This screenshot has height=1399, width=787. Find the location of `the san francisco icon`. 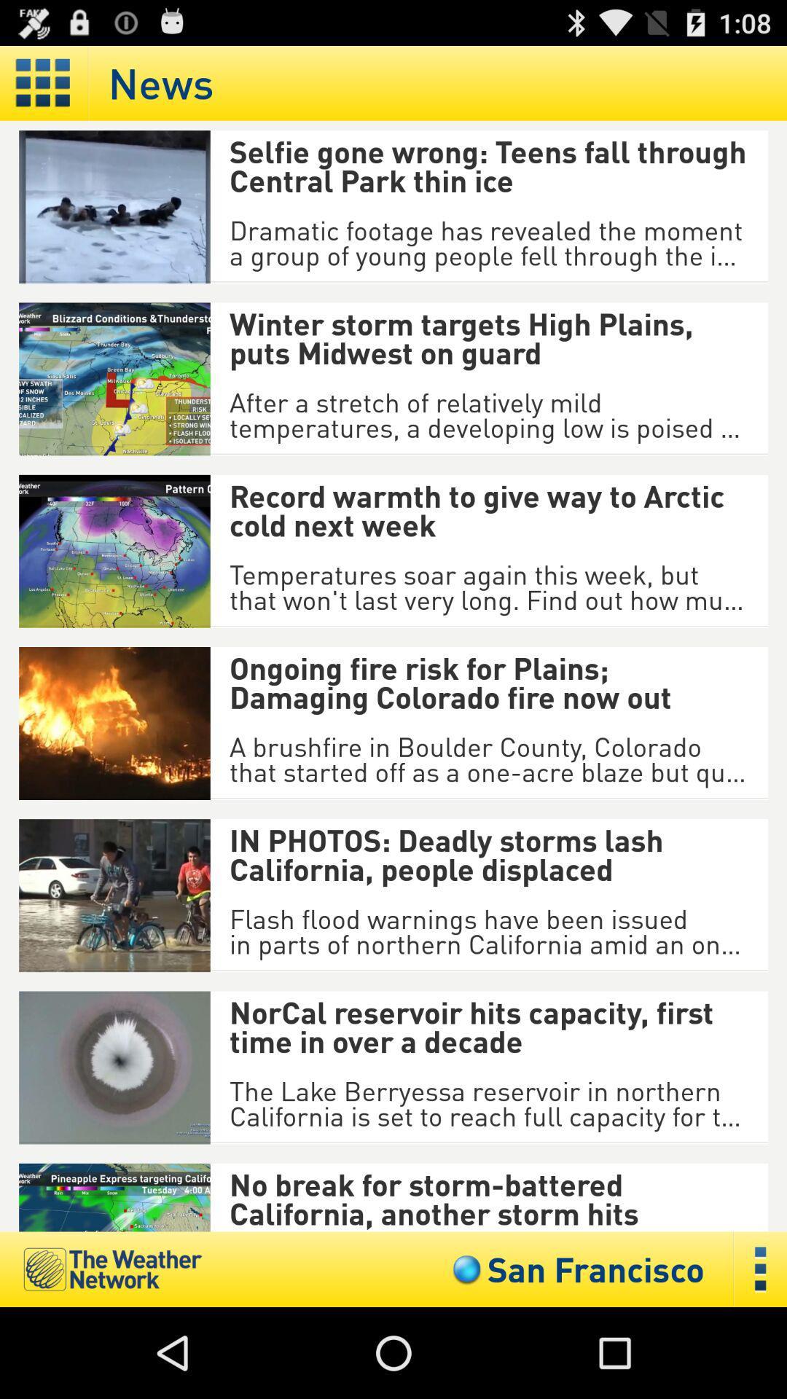

the san francisco icon is located at coordinates (574, 1269).